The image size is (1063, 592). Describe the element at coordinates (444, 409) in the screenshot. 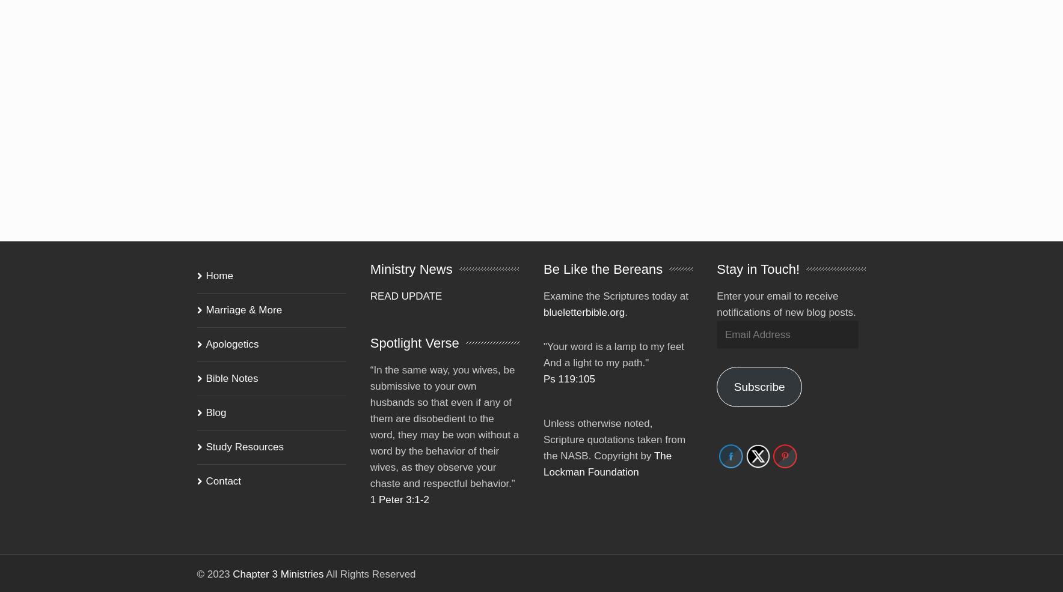

I see `'“In the same way, you wives, be submissive to your own husbands so that even if any of them are disobedient to the word, they may be won without a word by the behavior of their wives, as they observe your chaste and respectful behavior.”'` at that location.